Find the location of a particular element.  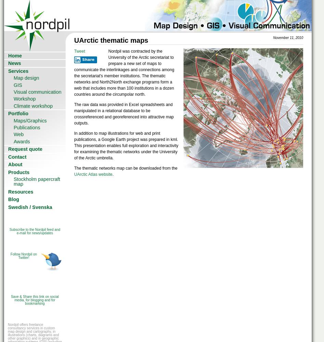

'Resources' is located at coordinates (21, 192).